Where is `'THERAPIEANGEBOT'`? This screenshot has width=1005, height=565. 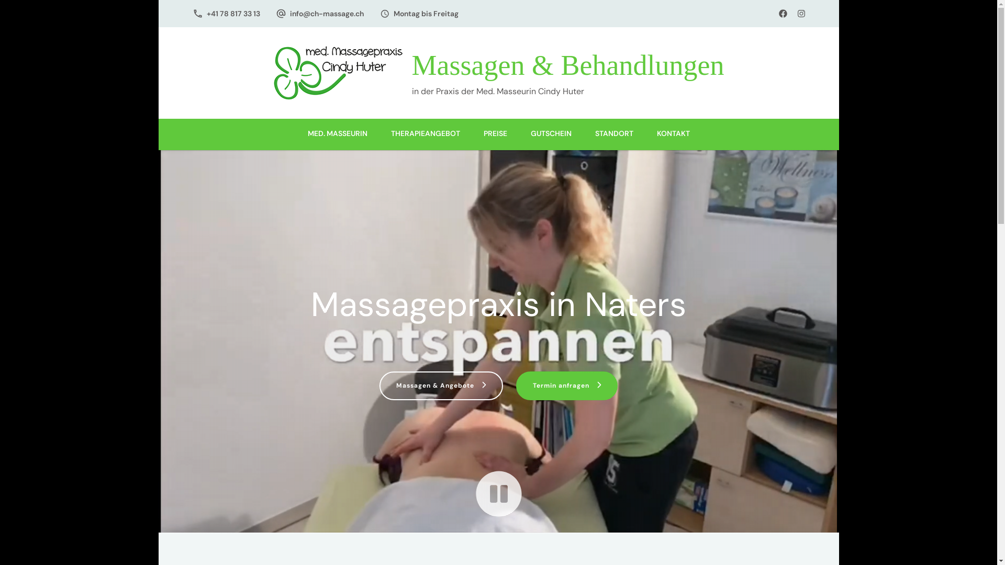 'THERAPIEANGEBOT' is located at coordinates (425, 134).